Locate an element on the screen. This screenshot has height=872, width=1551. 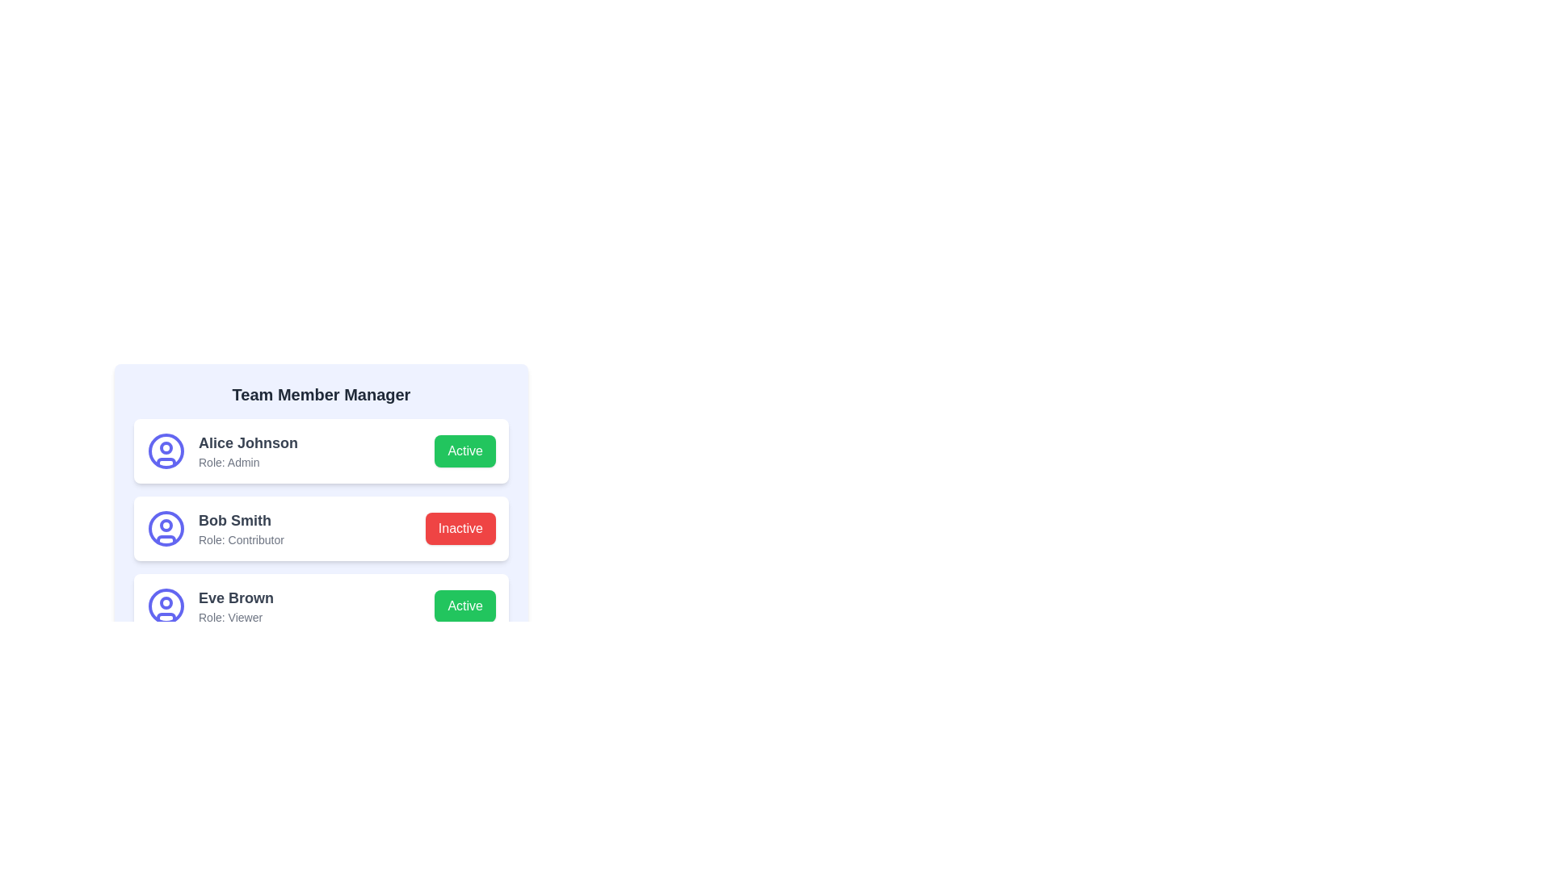
the profile icon representing the user 'Bob Smith' located on the left side of the row labeled 'Bob Smith' in the team member list is located at coordinates (166, 529).